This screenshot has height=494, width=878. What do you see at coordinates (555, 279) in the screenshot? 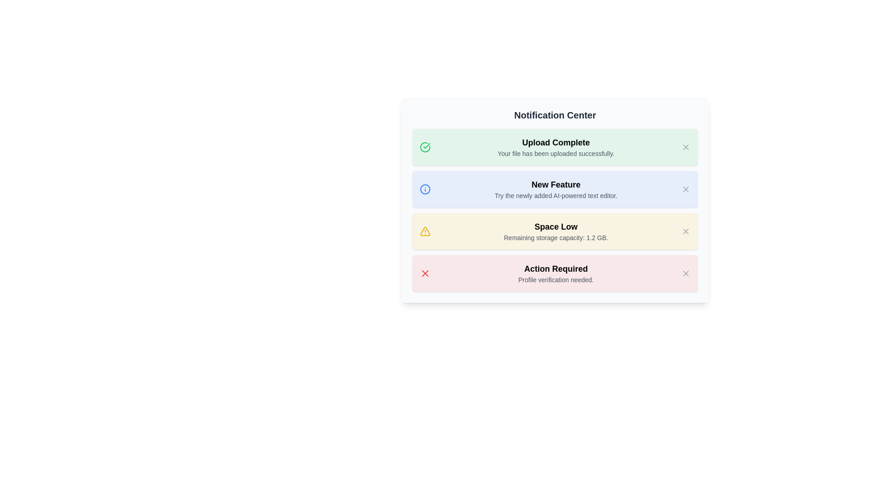
I see `text snippet 'Profile verification needed.' located within the red-colored action alert section at the bottom of the notification interface, specifically as the second line of text under the 'Action Required' heading` at bounding box center [555, 279].